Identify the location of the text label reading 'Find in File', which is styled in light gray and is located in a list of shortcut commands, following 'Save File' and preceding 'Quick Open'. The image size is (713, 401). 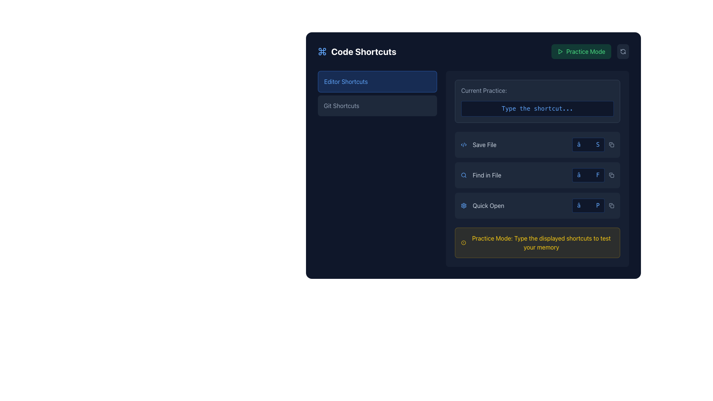
(487, 175).